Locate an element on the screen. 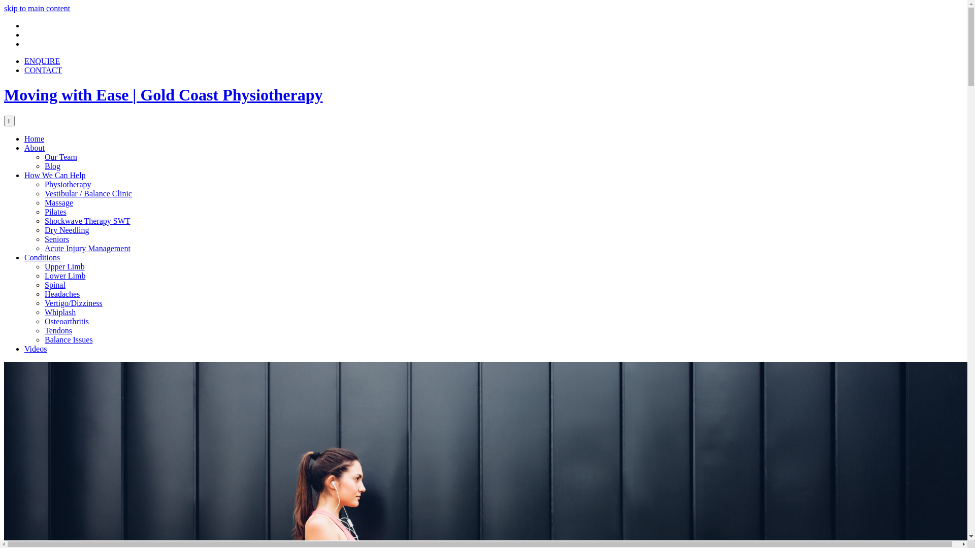 The image size is (975, 548). 'Moving with Ease | Gold Coast Physiotherapy' is located at coordinates (163, 94).